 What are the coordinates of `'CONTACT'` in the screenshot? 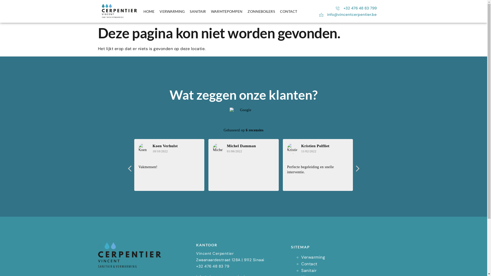 It's located at (288, 11).